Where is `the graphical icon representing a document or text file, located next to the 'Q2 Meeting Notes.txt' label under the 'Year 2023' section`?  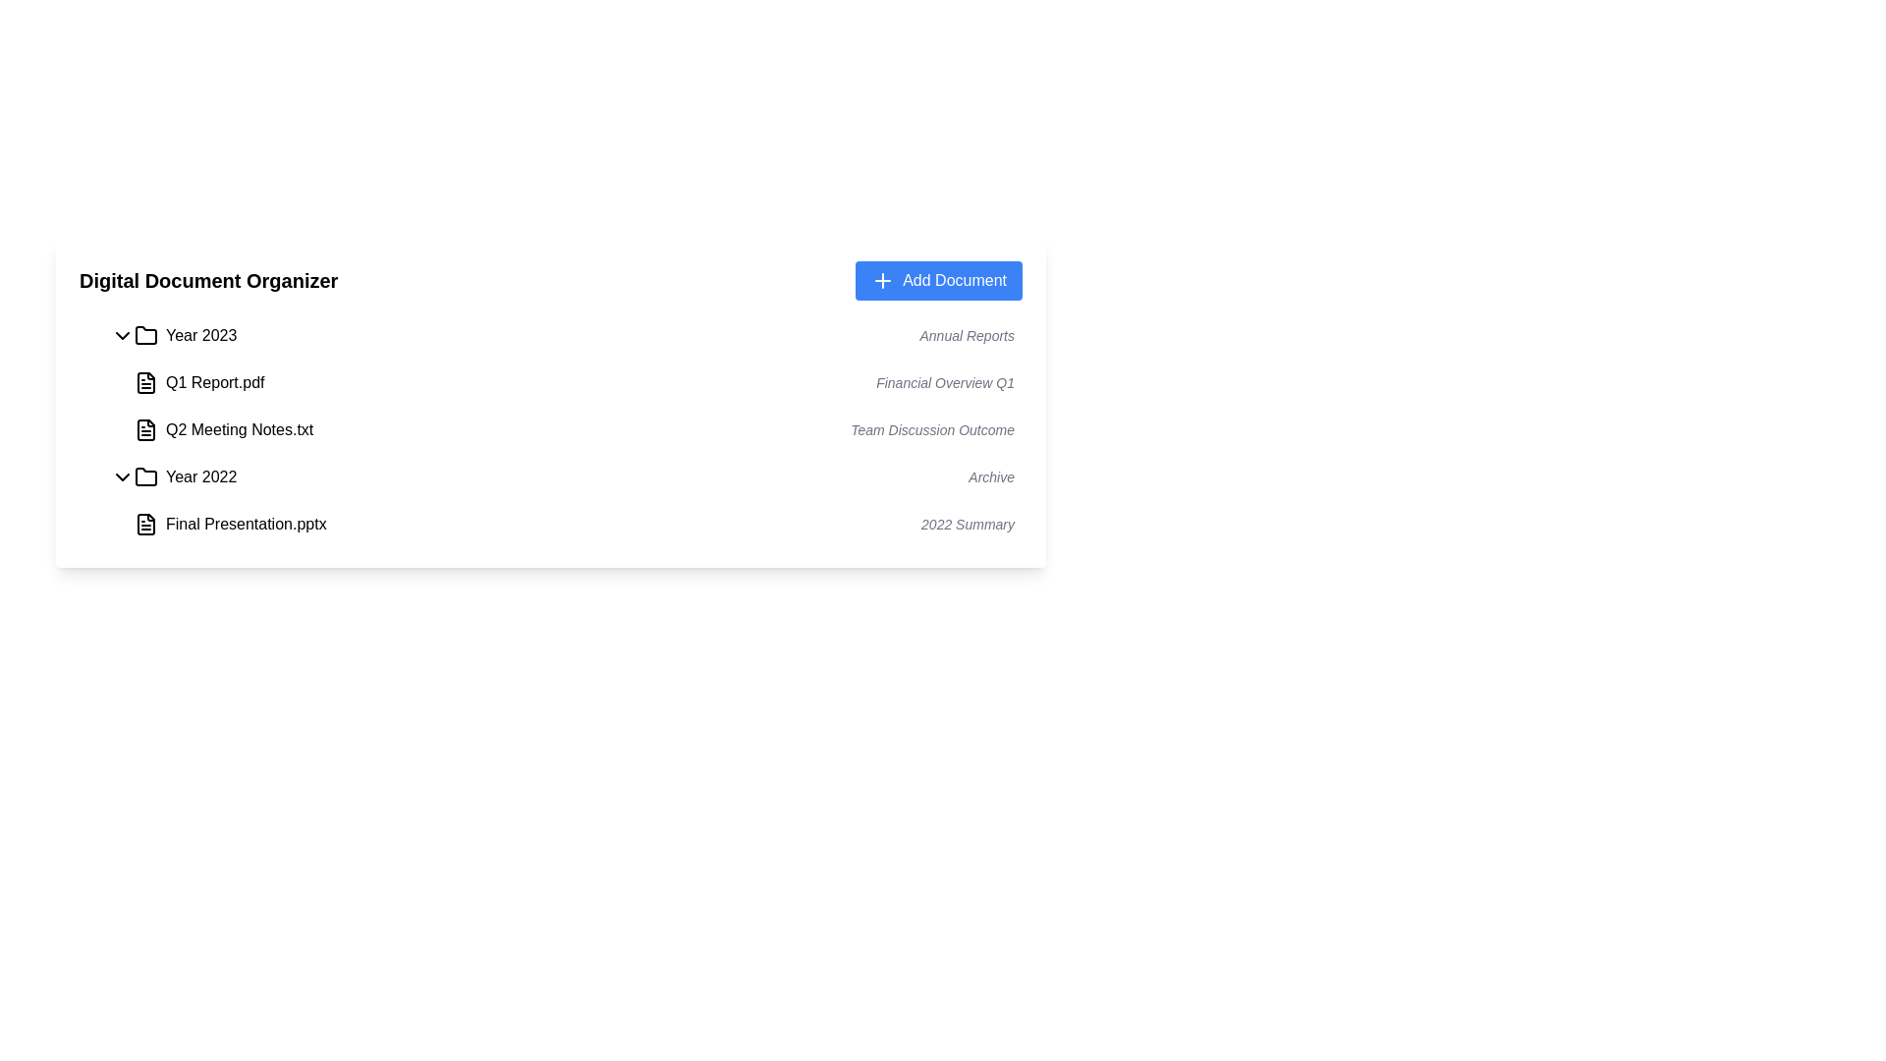
the graphical icon representing a document or text file, located next to the 'Q2 Meeting Notes.txt' label under the 'Year 2023' section is located at coordinates (144, 429).